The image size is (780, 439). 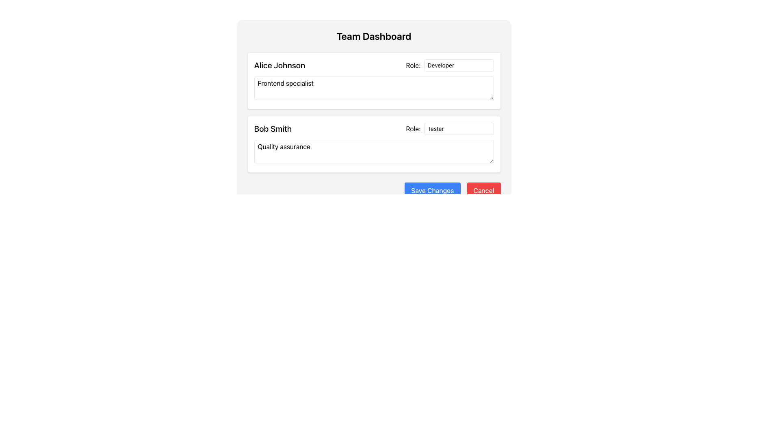 What do you see at coordinates (413, 65) in the screenshot?
I see `the 'Role' label located to the left of the 'Developer' input field in the user section for 'Alice Johnson'` at bounding box center [413, 65].